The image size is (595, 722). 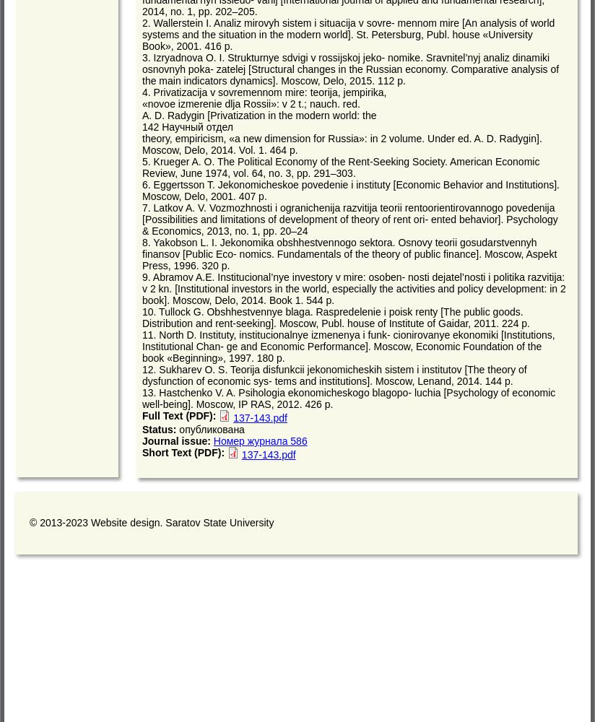 What do you see at coordinates (212, 440) in the screenshot?
I see `'Номер журнала 586'` at bounding box center [212, 440].